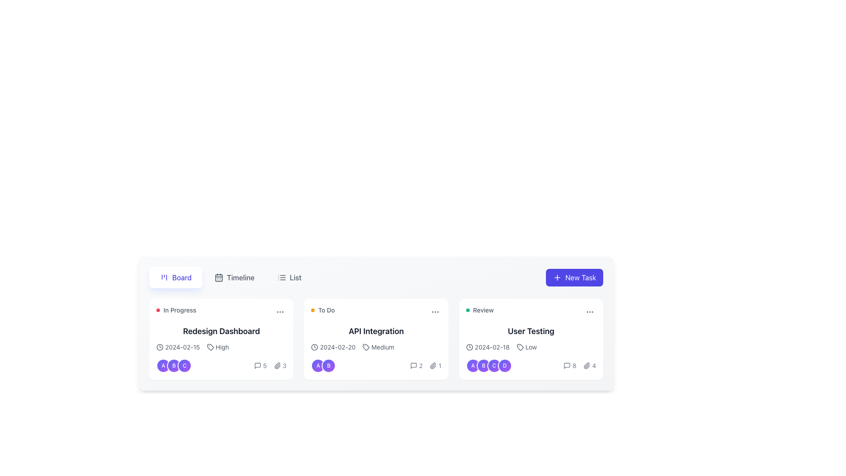 The height and width of the screenshot is (476, 846). I want to click on the list icon, which is styled with three horizontal lines and located next to the text label 'List' in the tab menu, so click(281, 277).